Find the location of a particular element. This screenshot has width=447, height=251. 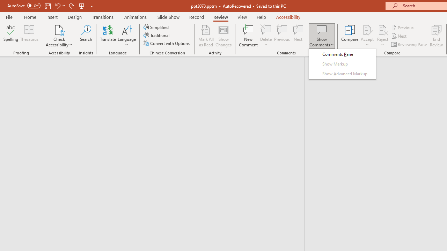

'Simplified' is located at coordinates (156, 27).